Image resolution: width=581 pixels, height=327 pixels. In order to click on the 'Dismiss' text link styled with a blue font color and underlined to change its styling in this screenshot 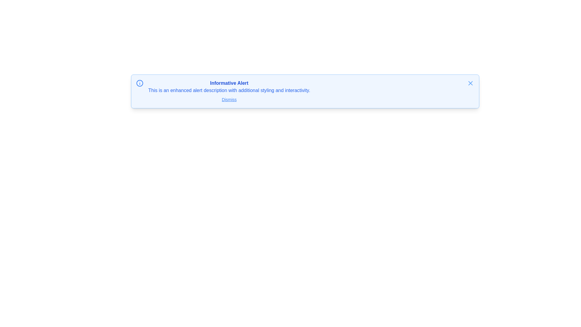, I will do `click(229, 99)`.